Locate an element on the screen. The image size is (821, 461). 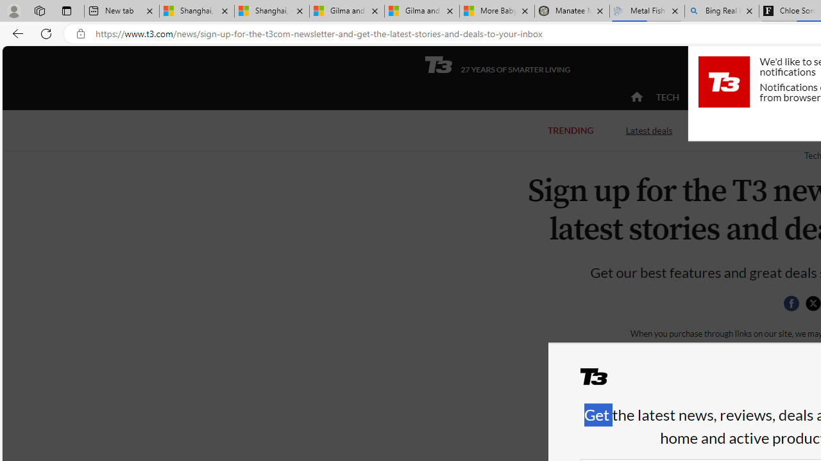
'Share this page on Facebook' is located at coordinates (790, 303).